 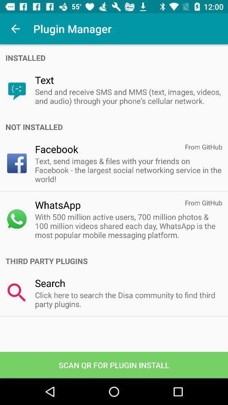 What do you see at coordinates (128, 225) in the screenshot?
I see `the with 500 million icon` at bounding box center [128, 225].